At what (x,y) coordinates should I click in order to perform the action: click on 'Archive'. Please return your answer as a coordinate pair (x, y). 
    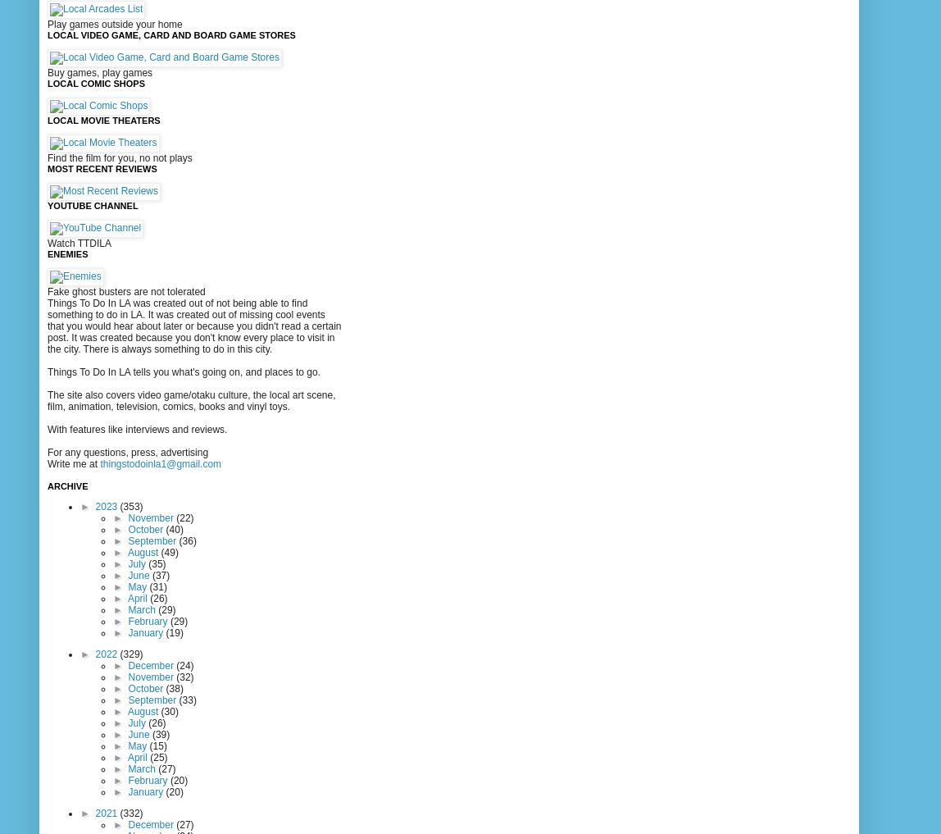
    Looking at the image, I should click on (67, 484).